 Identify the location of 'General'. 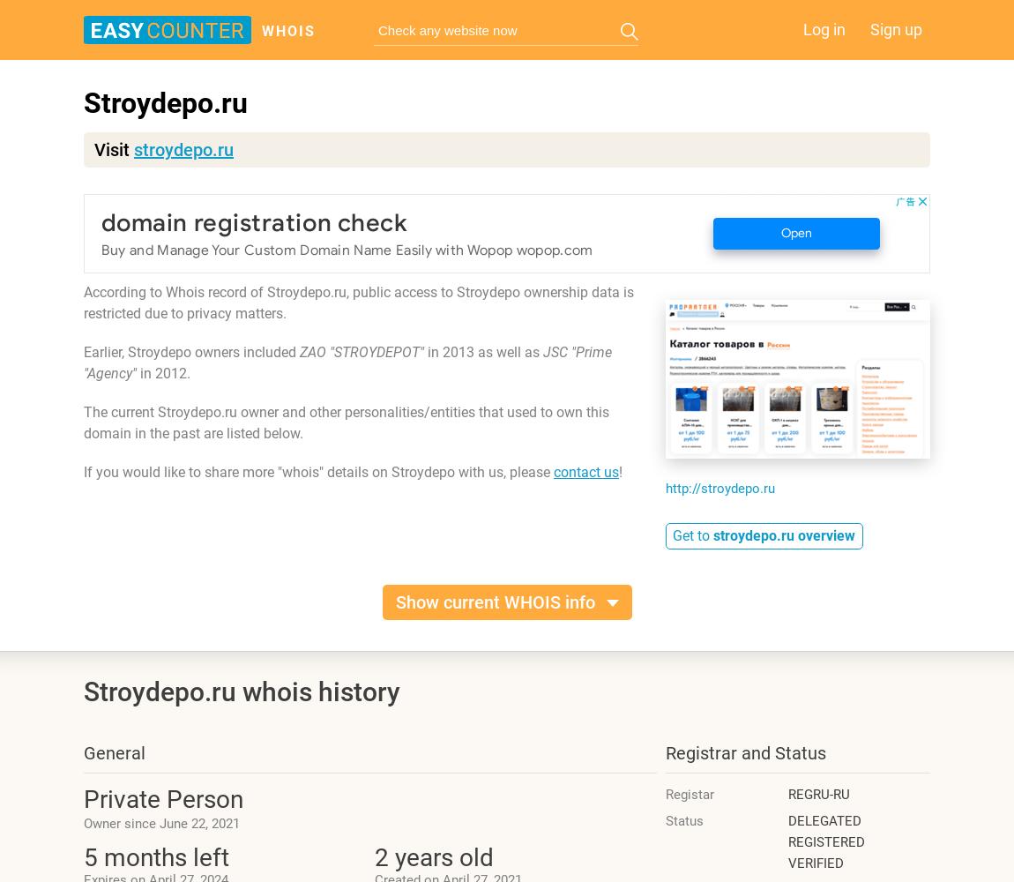
(113, 752).